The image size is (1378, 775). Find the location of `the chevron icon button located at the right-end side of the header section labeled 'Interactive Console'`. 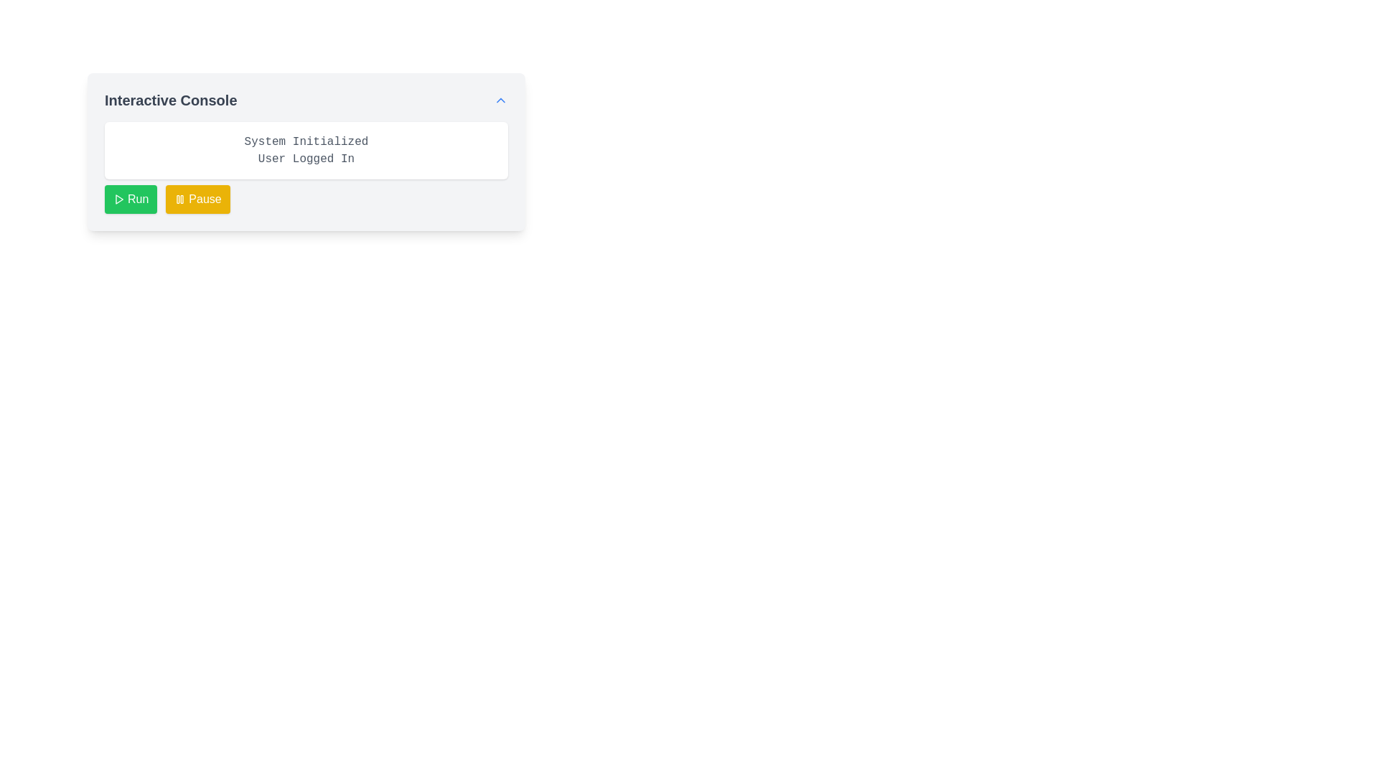

the chevron icon button located at the right-end side of the header section labeled 'Interactive Console' is located at coordinates (500, 99).